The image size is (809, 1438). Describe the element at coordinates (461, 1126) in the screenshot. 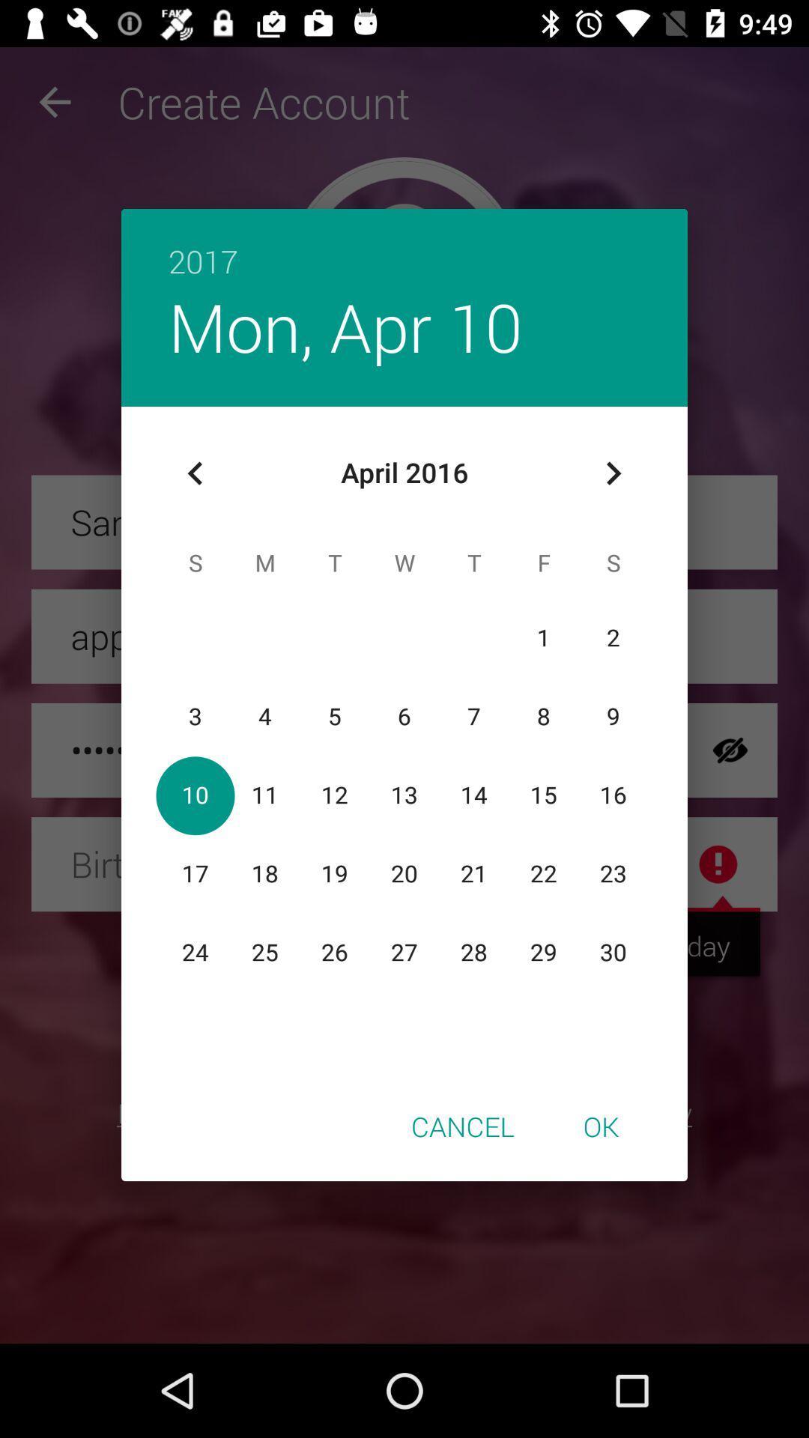

I see `icon at the bottom` at that location.